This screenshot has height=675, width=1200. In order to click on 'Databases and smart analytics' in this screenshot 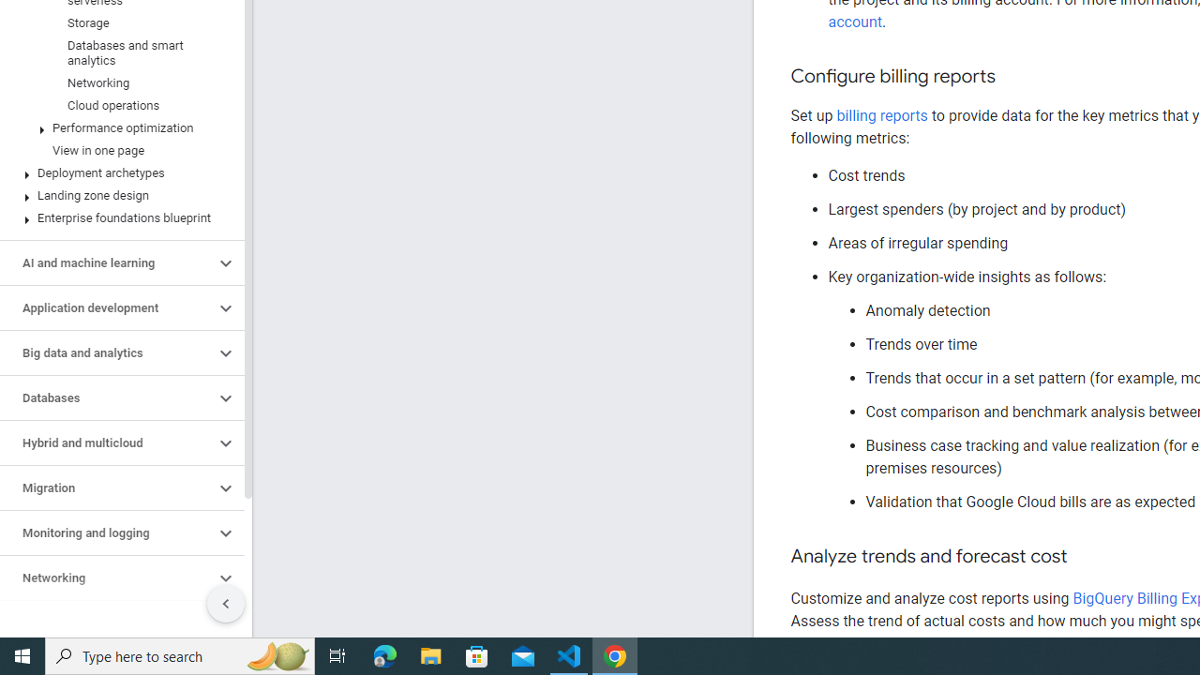, I will do `click(117, 52)`.